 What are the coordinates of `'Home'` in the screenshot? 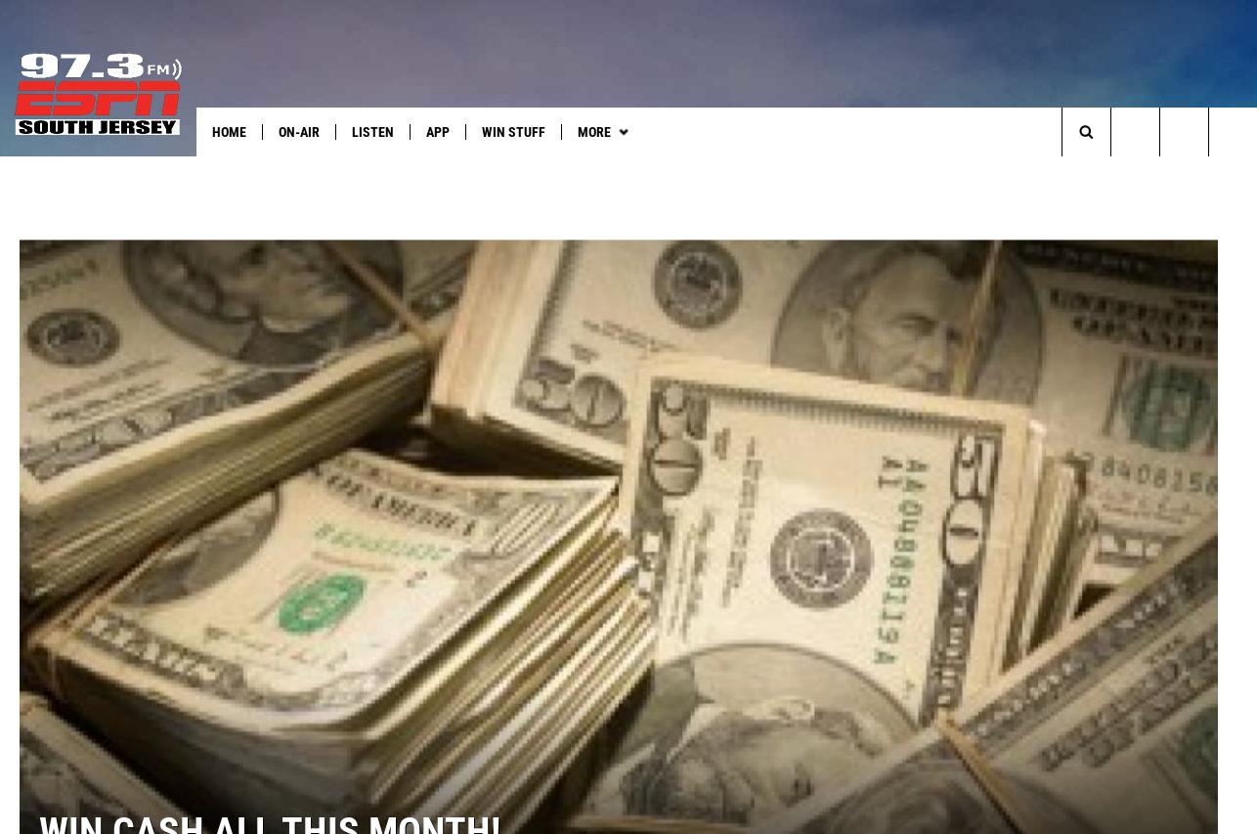 It's located at (229, 131).